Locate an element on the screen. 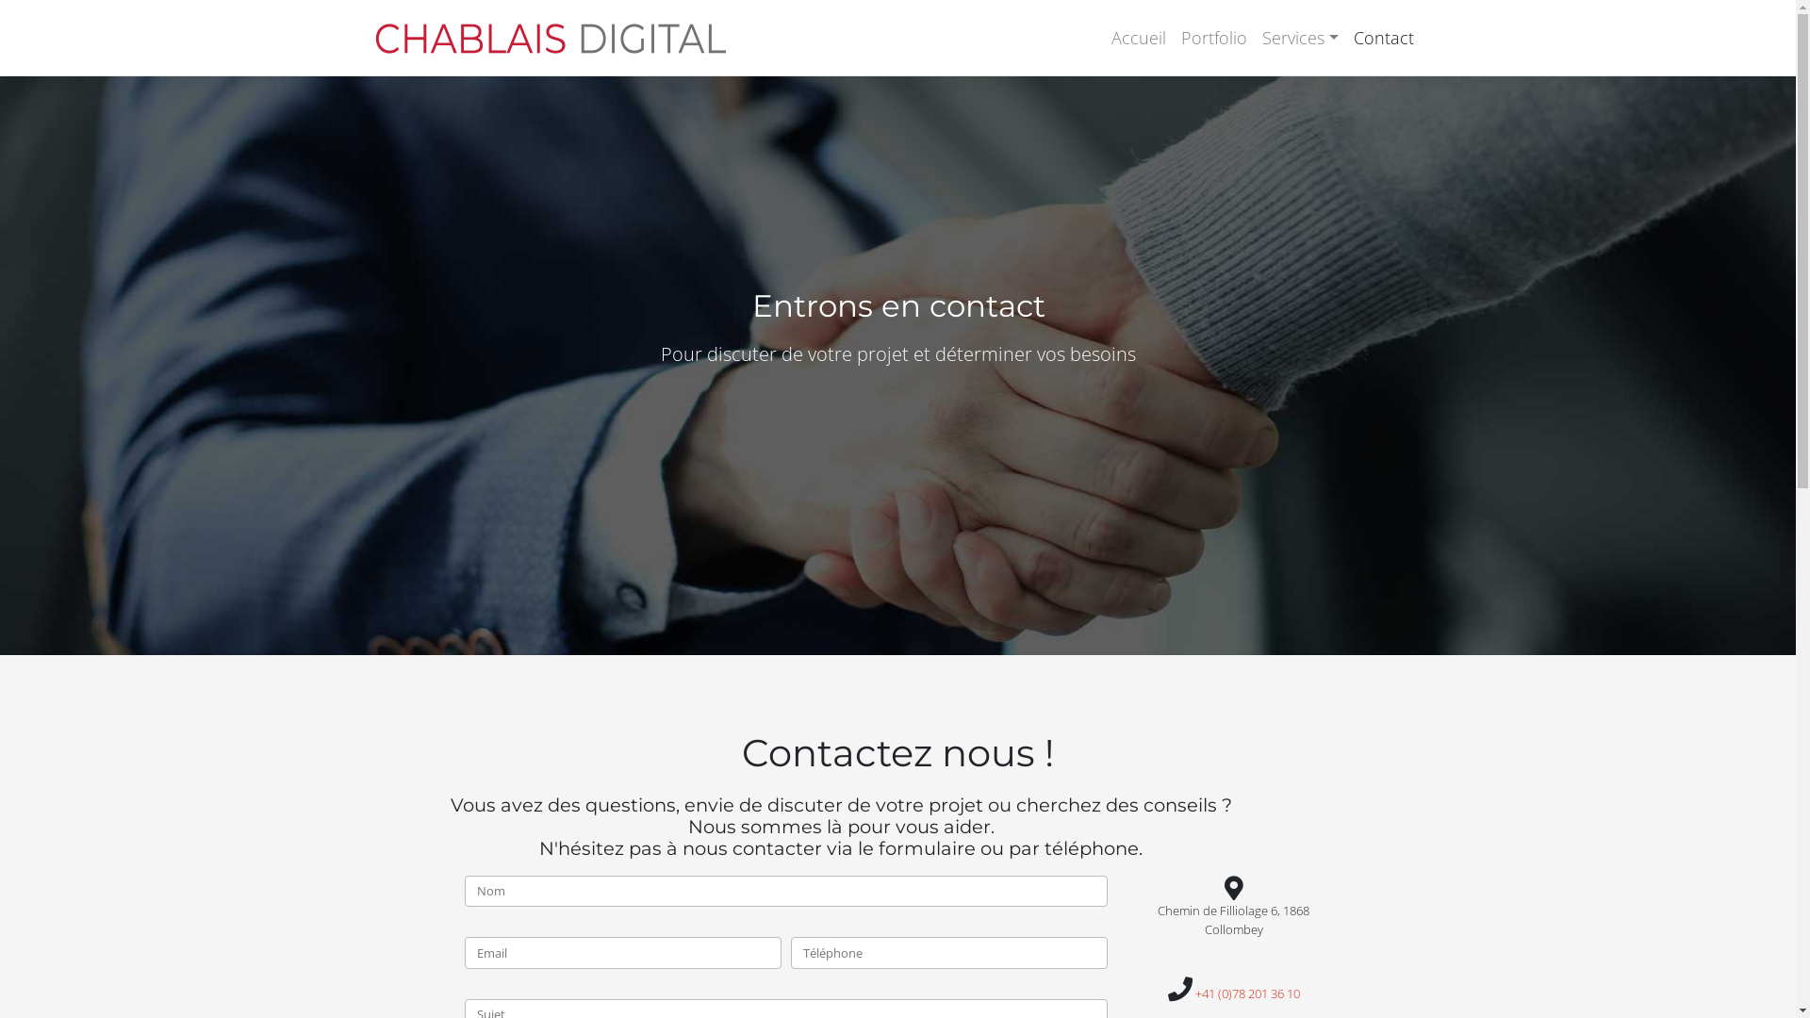 The height and width of the screenshot is (1018, 1810). 'Portfolio' is located at coordinates (1213, 37).